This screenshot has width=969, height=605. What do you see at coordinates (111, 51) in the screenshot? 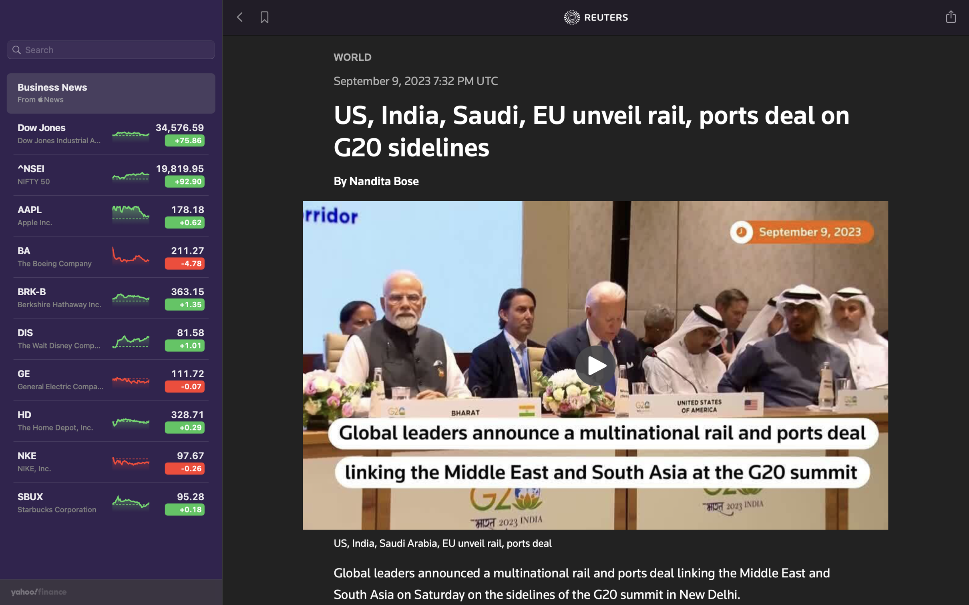
I see `Look up the latest updates on Dow Jones` at bounding box center [111, 51].